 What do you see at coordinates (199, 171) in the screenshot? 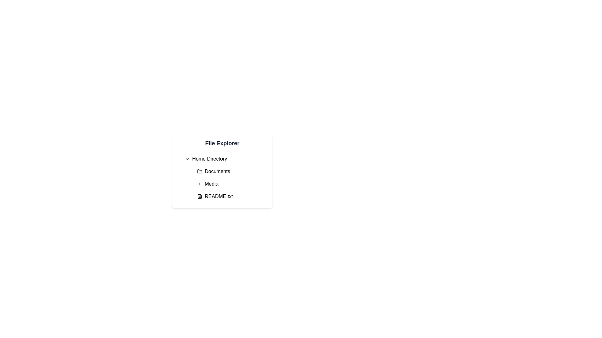
I see `the folder icon located in the second row of the file explorer tree structure next to the text 'Documents'` at bounding box center [199, 171].